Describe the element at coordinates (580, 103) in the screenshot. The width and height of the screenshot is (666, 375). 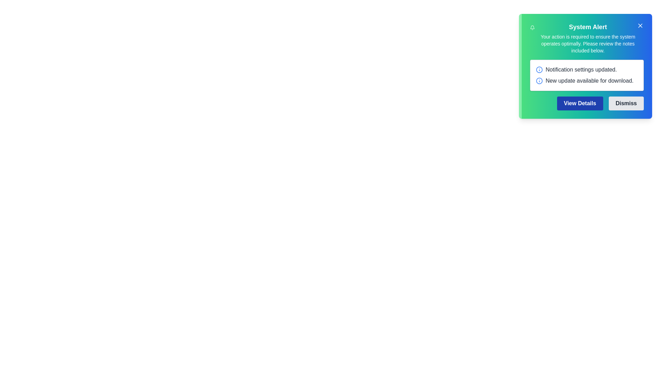
I see `the 'View Details' button` at that location.